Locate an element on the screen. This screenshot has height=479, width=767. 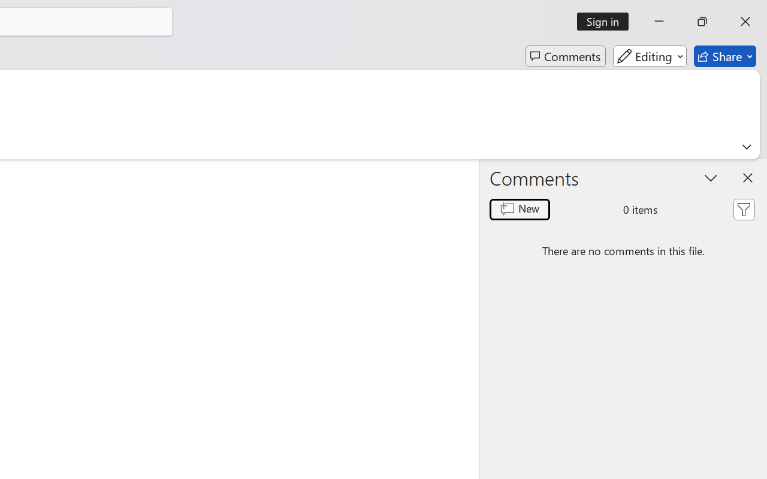
'Filter' is located at coordinates (743, 210).